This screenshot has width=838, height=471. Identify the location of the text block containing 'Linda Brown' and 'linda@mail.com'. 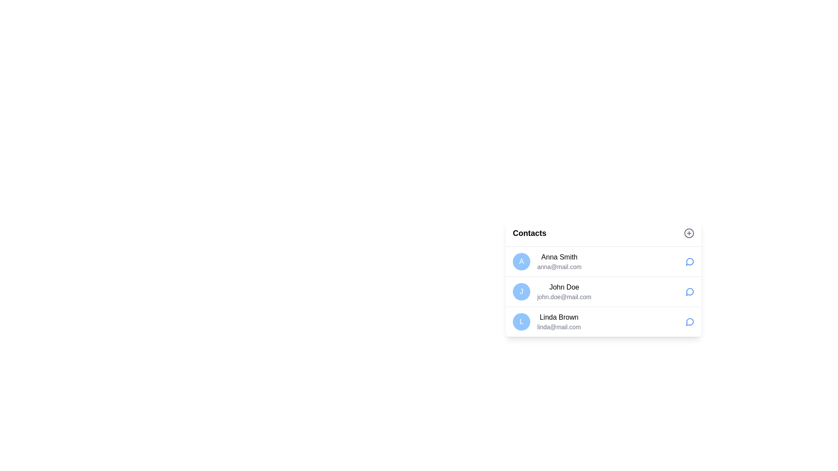
(559, 321).